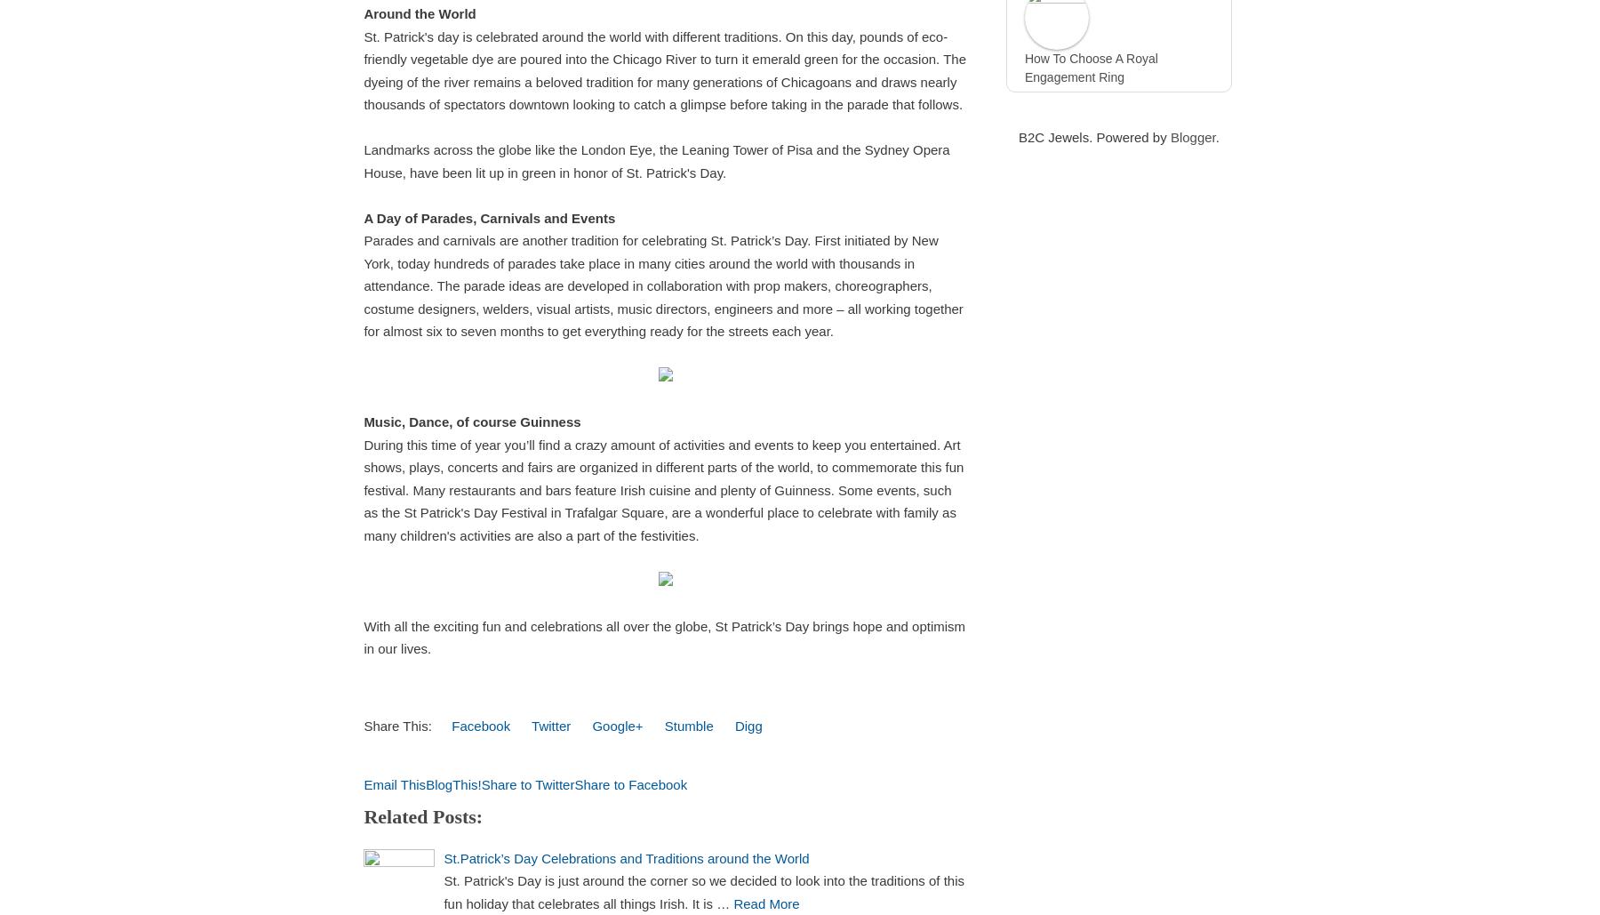 The image size is (1600, 915). I want to click on 'Share to Twitter', so click(527, 783).